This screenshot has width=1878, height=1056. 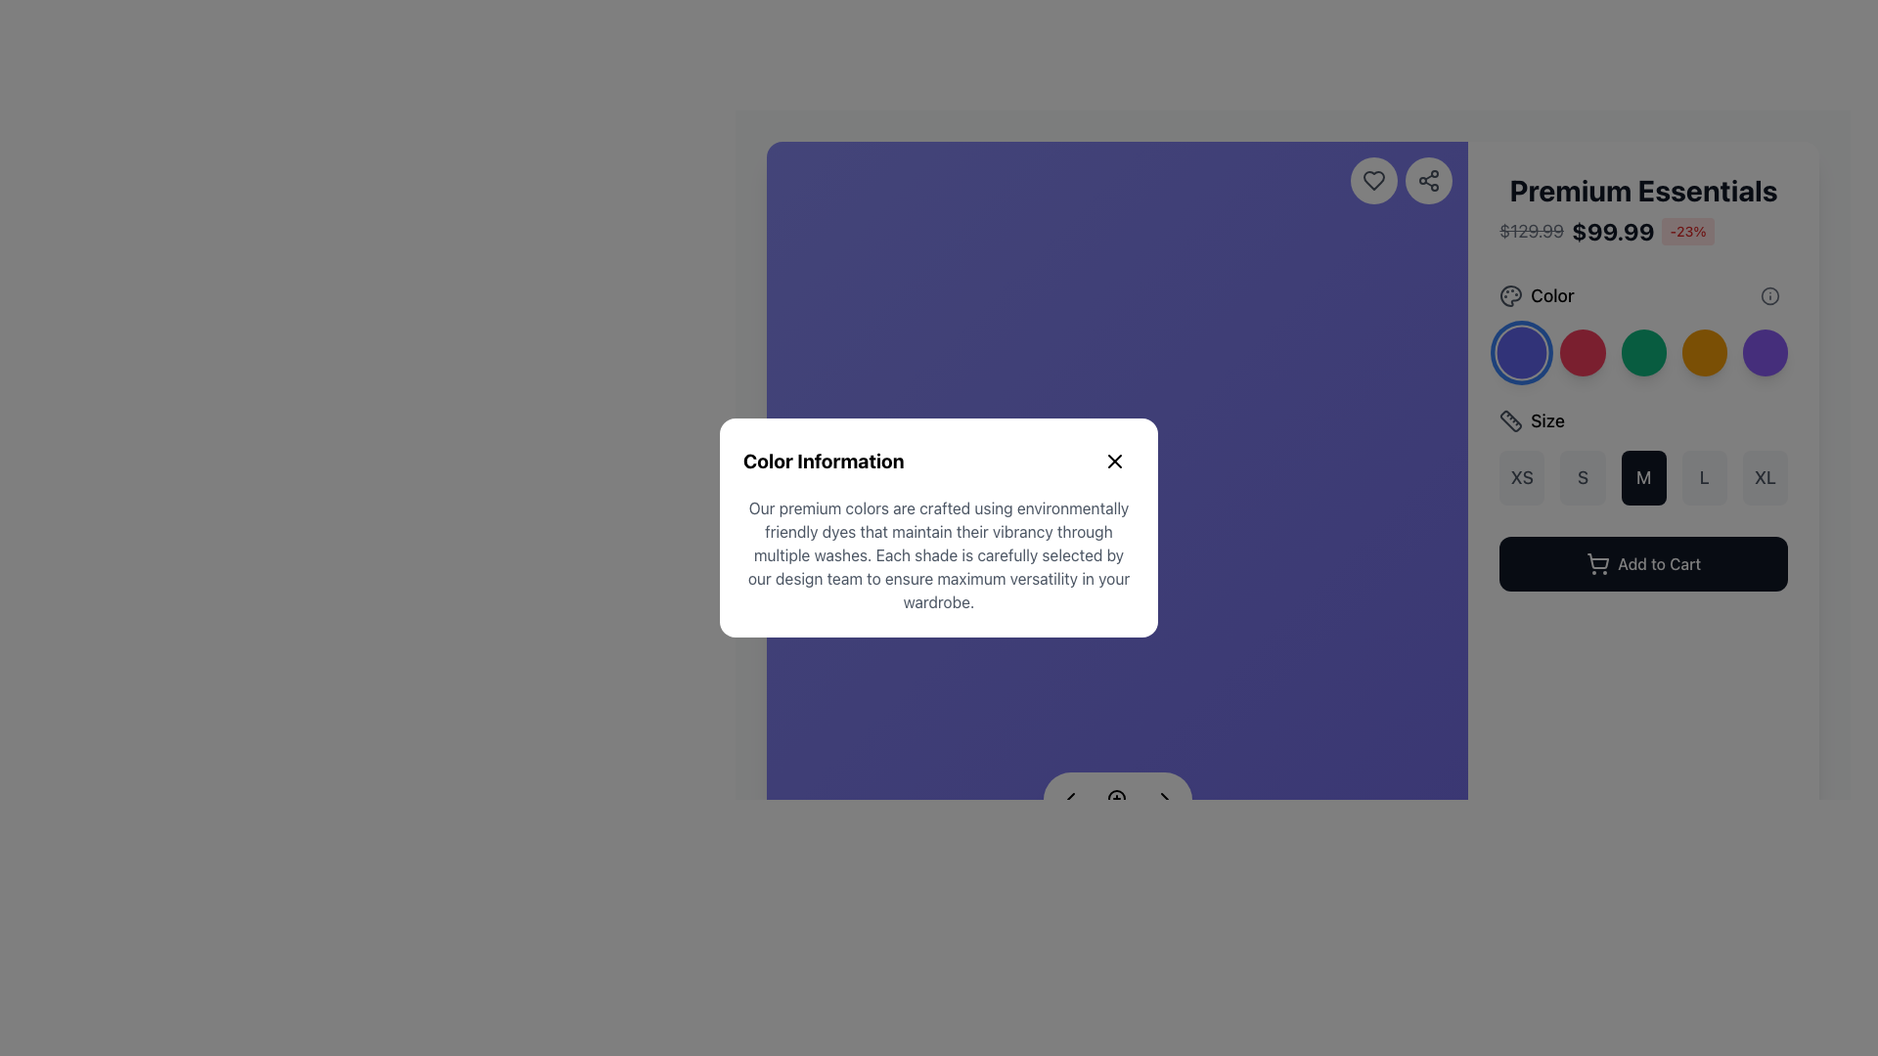 I want to click on the cross icon located at the top-right corner of the 'Color Information' dialog box, so click(x=1115, y=461).